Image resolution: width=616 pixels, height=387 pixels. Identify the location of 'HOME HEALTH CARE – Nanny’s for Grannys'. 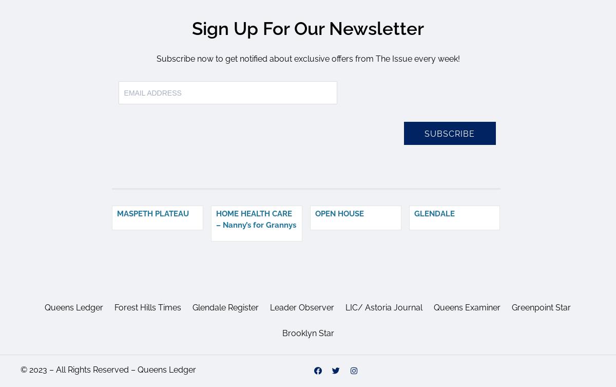
(255, 218).